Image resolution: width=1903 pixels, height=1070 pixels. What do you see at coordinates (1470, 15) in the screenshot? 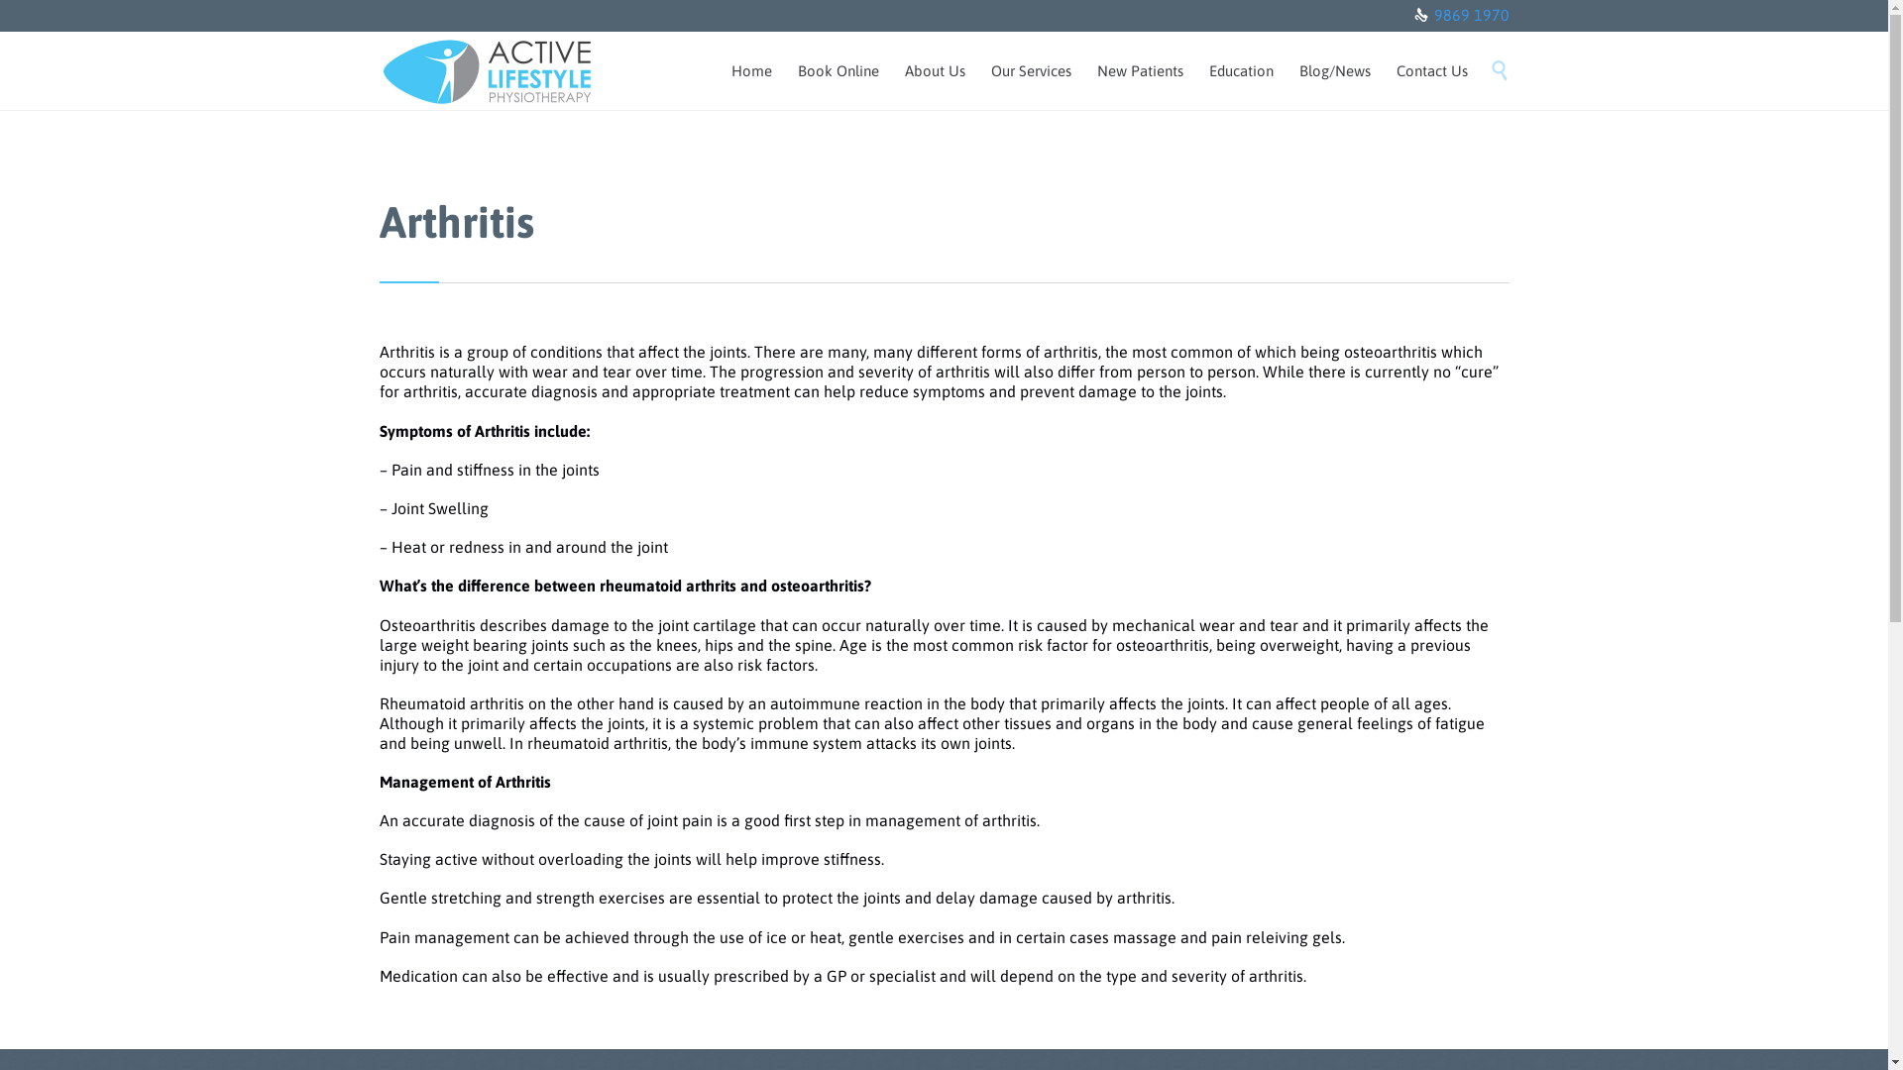
I see `'9869 1970'` at bounding box center [1470, 15].